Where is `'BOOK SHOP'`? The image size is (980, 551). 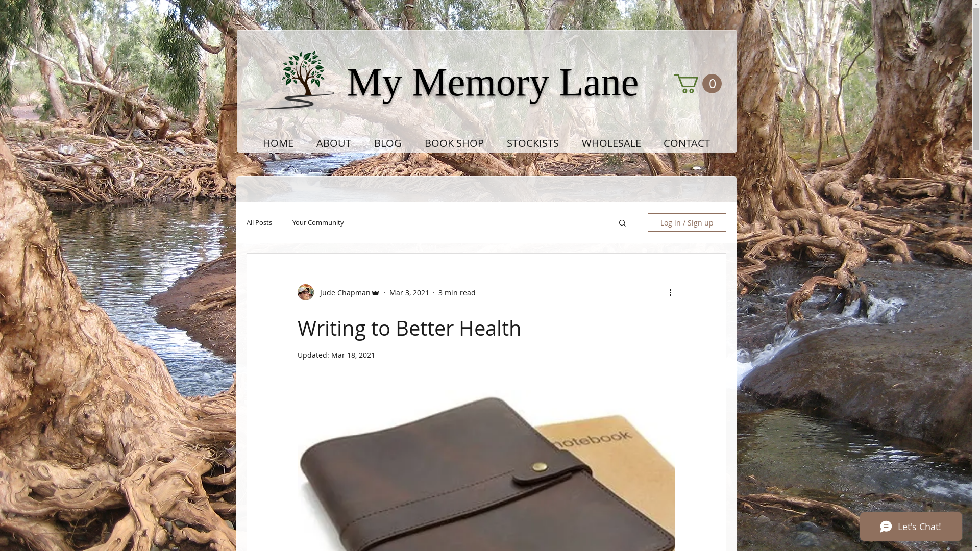 'BOOK SHOP' is located at coordinates (454, 143).